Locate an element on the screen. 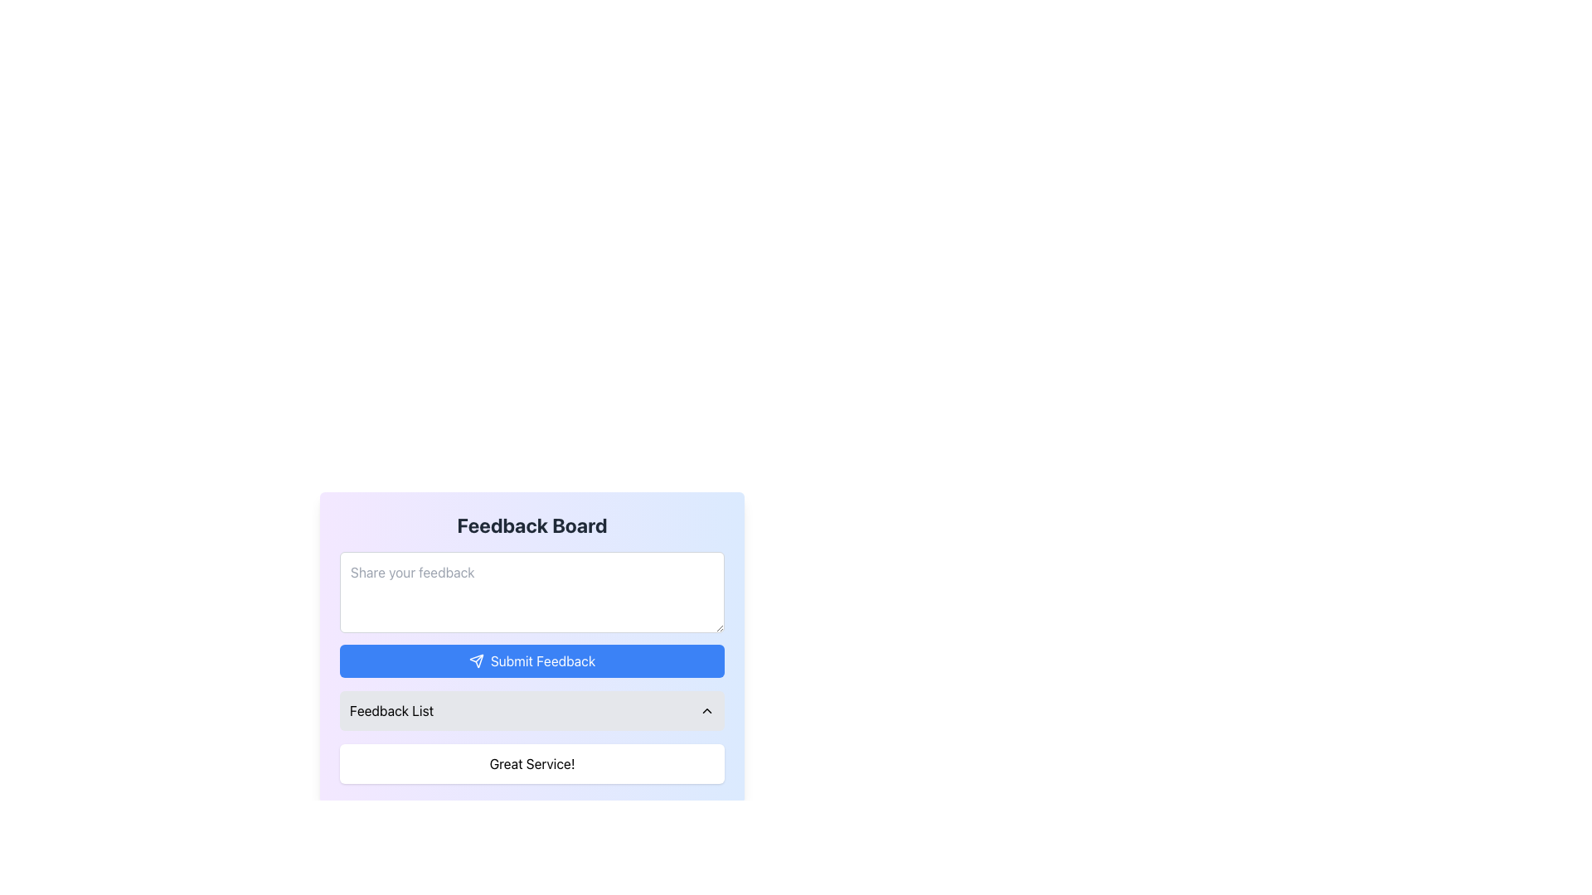 Image resolution: width=1592 pixels, height=895 pixels. the 'Submit Feedback' button which contains the icon for sending or submitting data, located at the center of the card element is located at coordinates (475, 660).